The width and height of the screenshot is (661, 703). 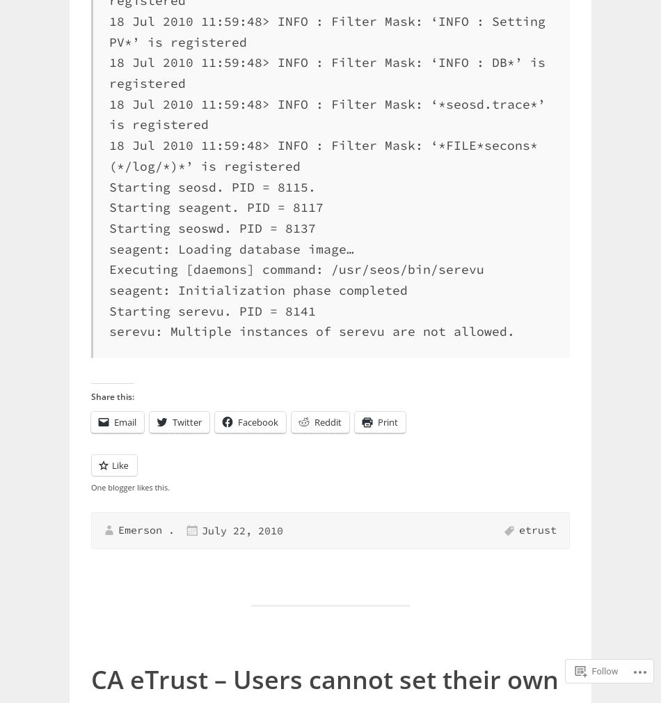 What do you see at coordinates (326, 31) in the screenshot?
I see `'18 Jul 2010 11:59:48> INFO : Filter Mask: ‘INFO : Setting PV*’ is registered'` at bounding box center [326, 31].